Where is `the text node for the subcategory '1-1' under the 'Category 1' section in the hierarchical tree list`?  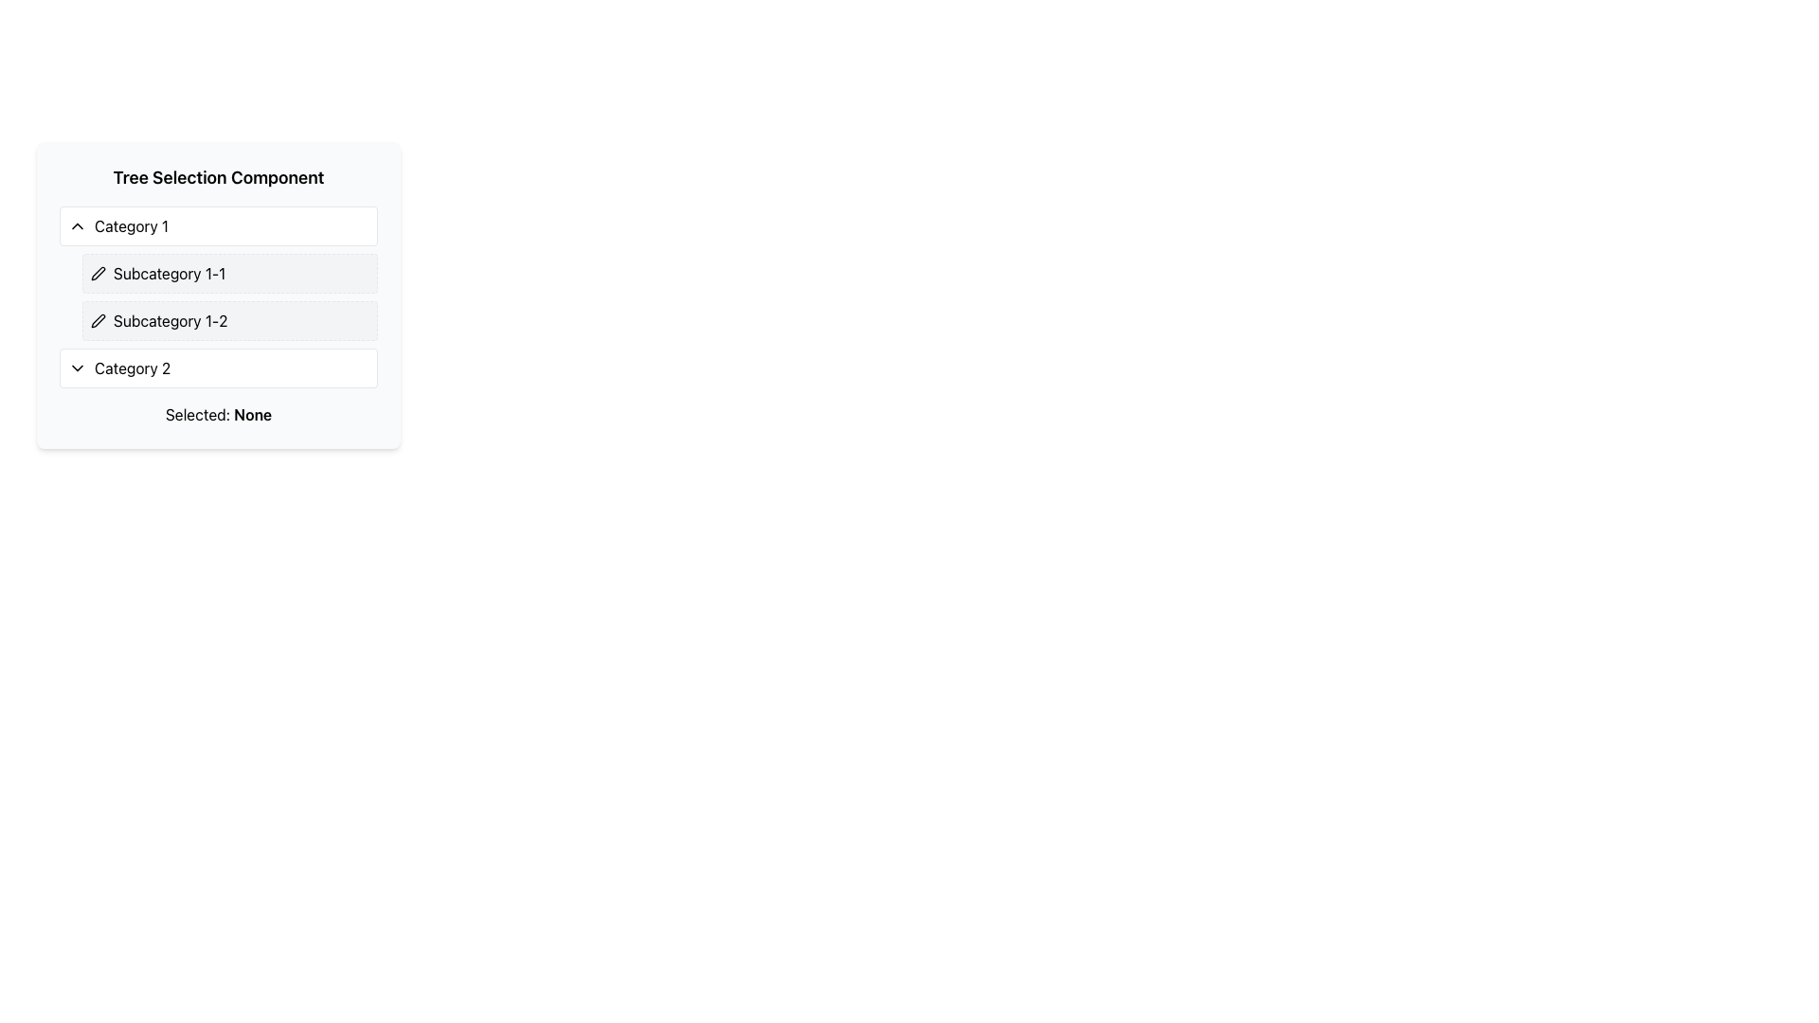
the text node for the subcategory '1-1' under the 'Category 1' section in the hierarchical tree list is located at coordinates (170, 274).